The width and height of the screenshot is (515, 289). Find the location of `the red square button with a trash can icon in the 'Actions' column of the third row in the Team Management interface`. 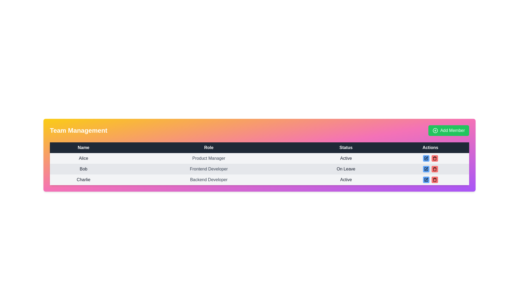

the red square button with a trash can icon in the 'Actions' column of the third row in the Team Management interface is located at coordinates (435, 158).